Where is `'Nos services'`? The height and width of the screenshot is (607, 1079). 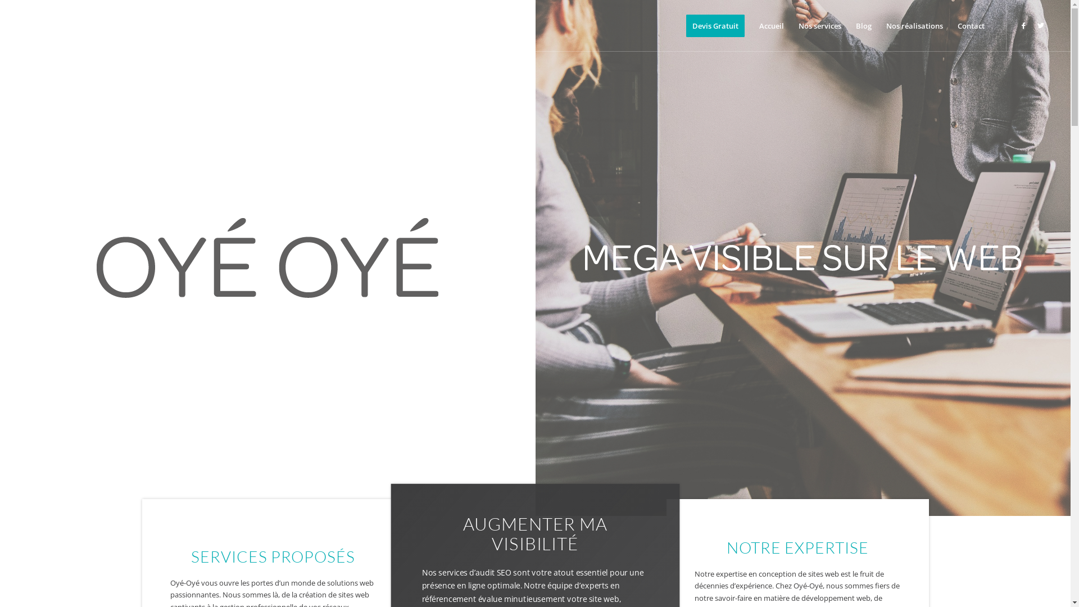 'Nos services' is located at coordinates (820, 25).